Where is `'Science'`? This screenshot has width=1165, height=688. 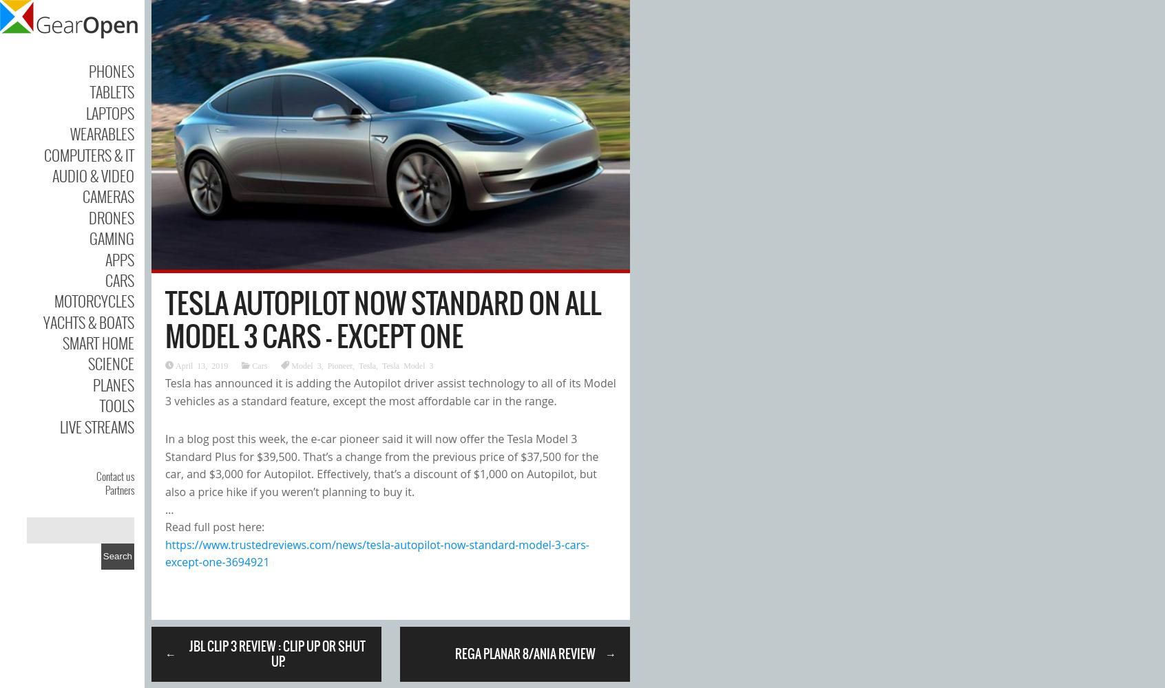 'Science' is located at coordinates (110, 363).